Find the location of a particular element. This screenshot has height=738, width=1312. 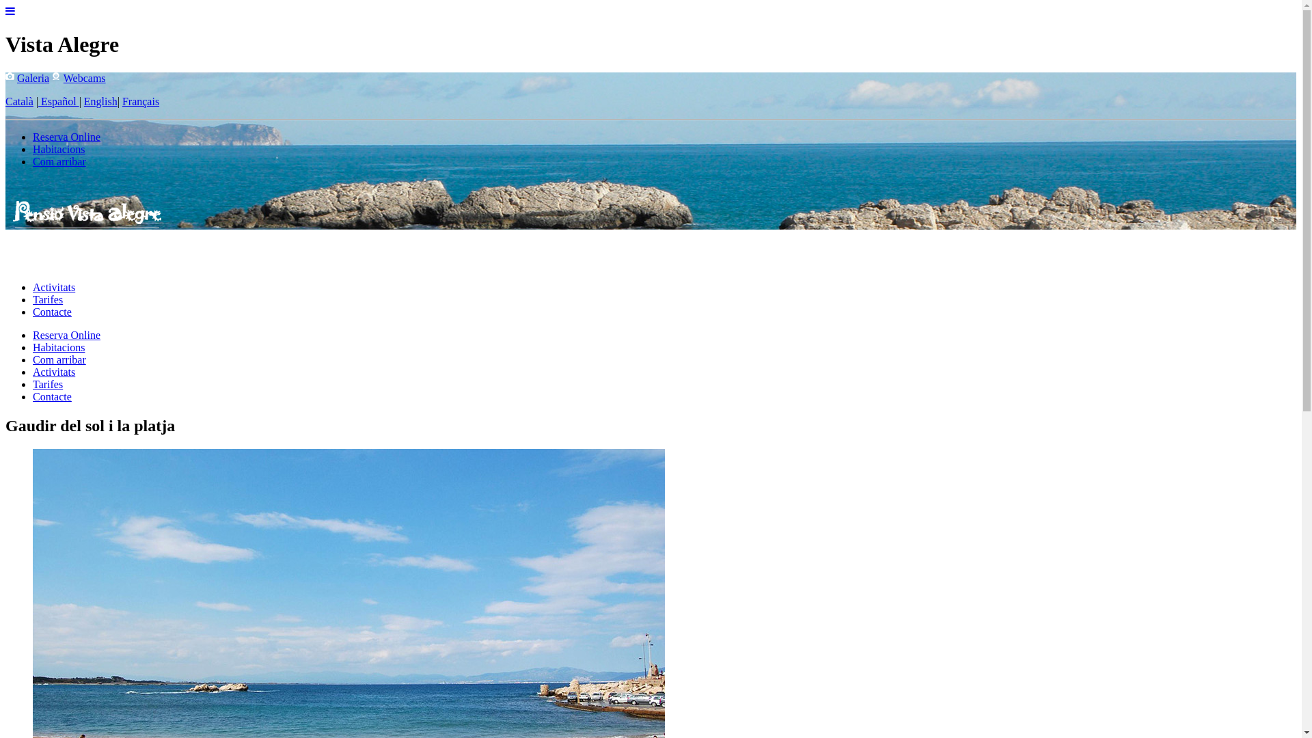

'Contacte' is located at coordinates (52, 396).